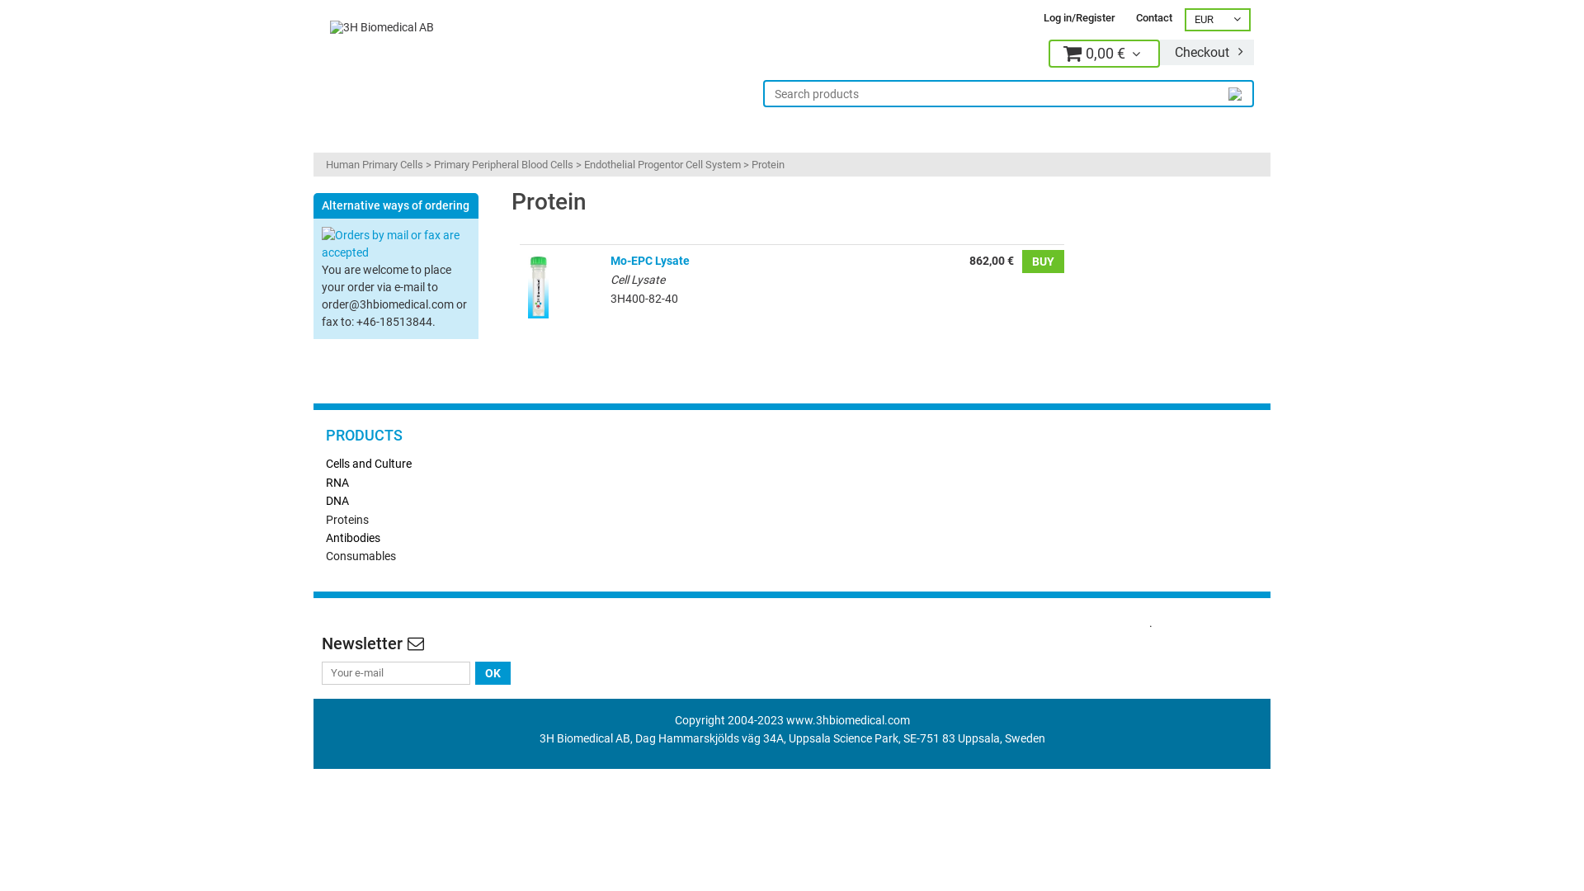 This screenshot has width=1584, height=891. I want to click on 'Checkout', so click(1207, 51).